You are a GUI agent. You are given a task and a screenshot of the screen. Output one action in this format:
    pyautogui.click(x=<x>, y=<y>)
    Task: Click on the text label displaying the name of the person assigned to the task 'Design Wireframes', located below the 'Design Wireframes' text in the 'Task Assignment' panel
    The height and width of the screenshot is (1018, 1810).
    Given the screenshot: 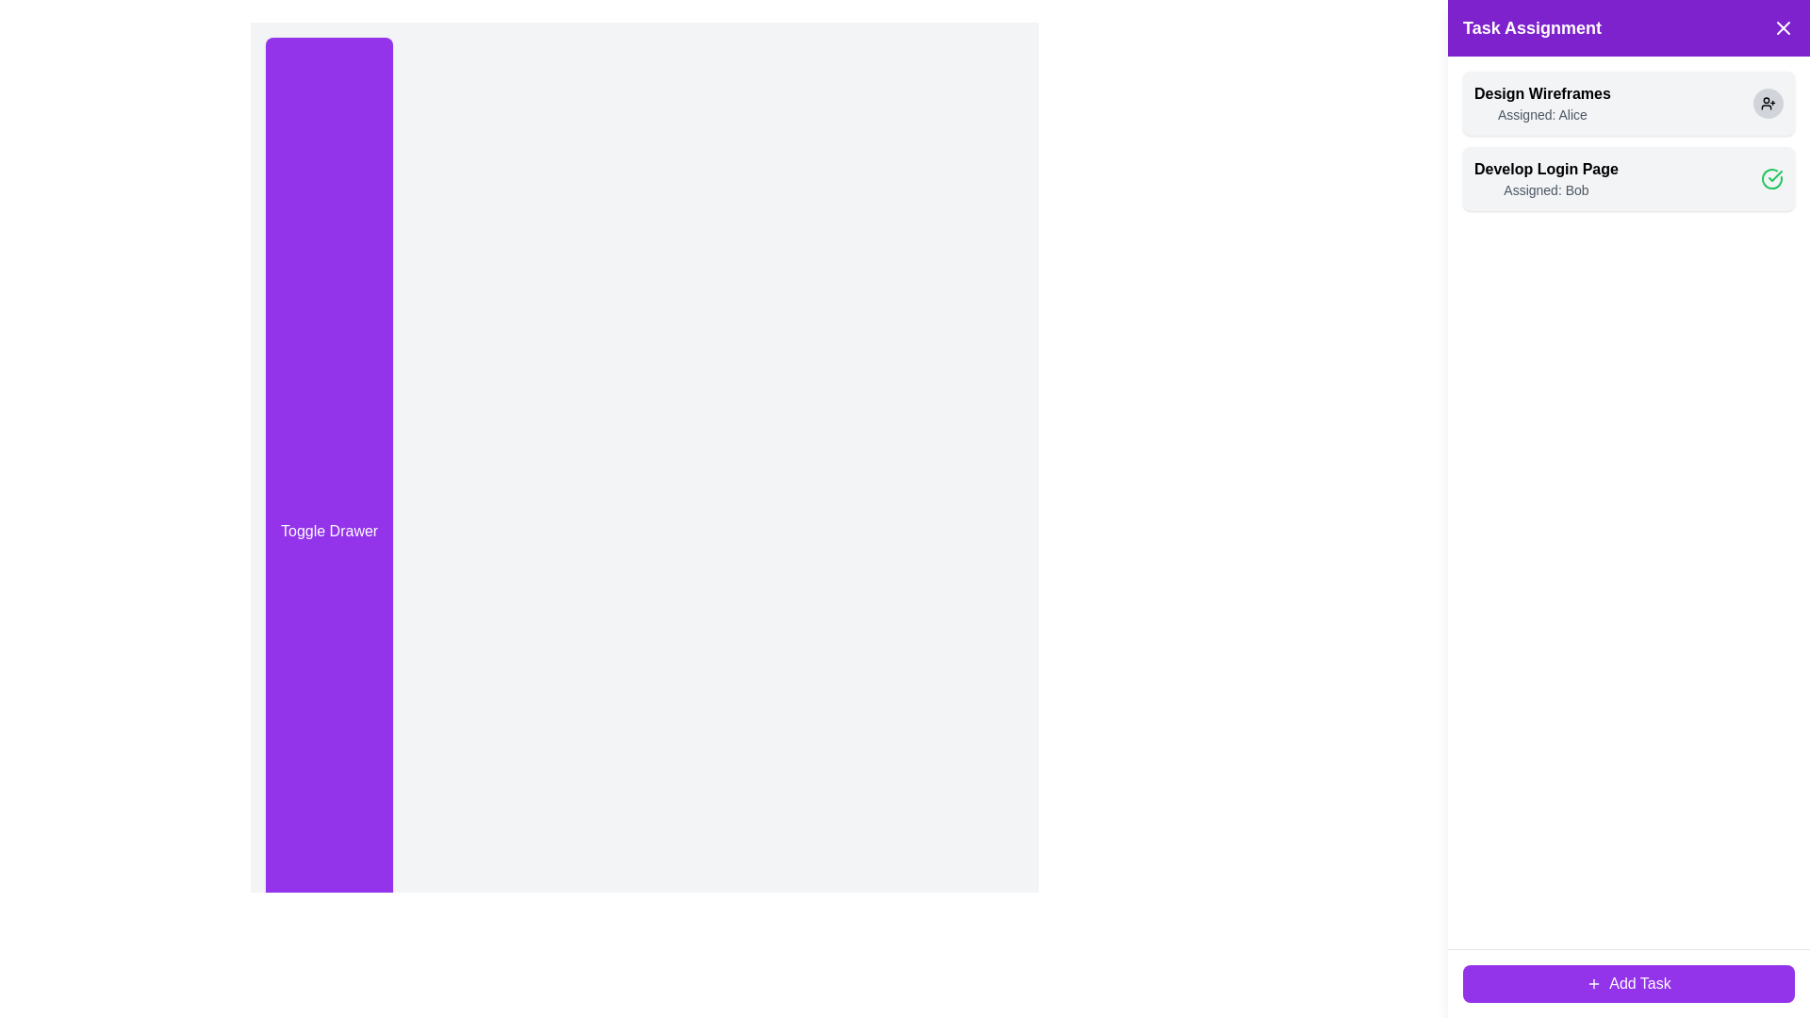 What is the action you would take?
    pyautogui.click(x=1542, y=115)
    